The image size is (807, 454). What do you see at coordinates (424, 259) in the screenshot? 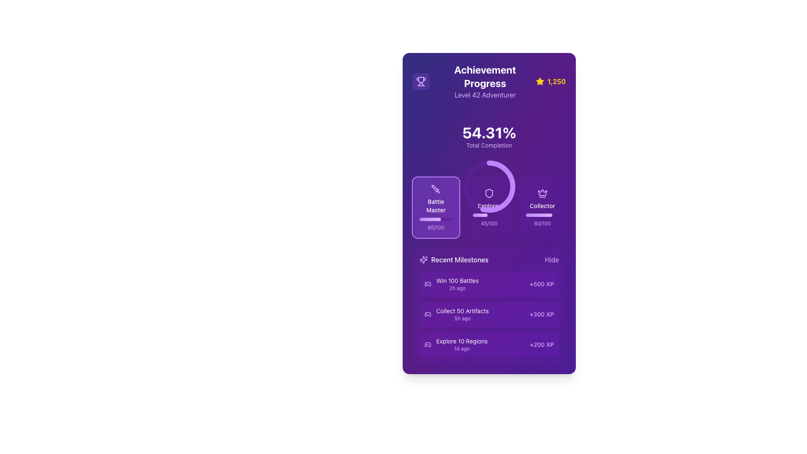
I see `the decorative sparkles pattern icon, which is styled in purple and located to the left of the 'Recent Milestones' section header, indicating celebration or achievement` at bounding box center [424, 259].